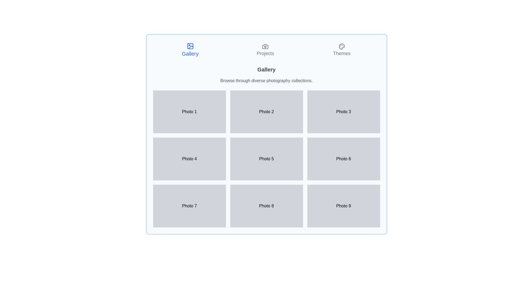 The image size is (514, 289). Describe the element at coordinates (266, 159) in the screenshot. I see `the interactive image thumbnail labeled 'Photo 5'` at that location.